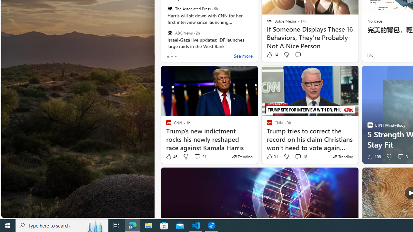 Image resolution: width=413 pixels, height=232 pixels. Describe the element at coordinates (300, 157) in the screenshot. I see `'View comments 18 Comment'` at that location.